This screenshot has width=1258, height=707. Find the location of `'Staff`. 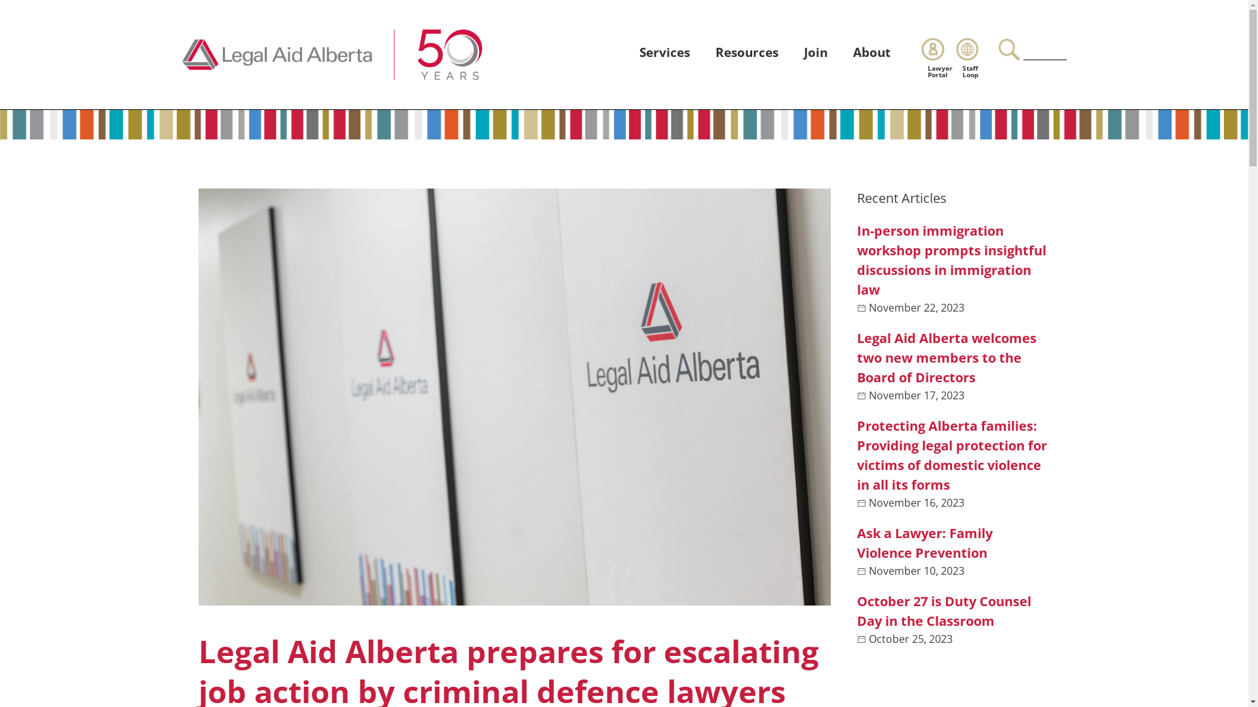

'Staff is located at coordinates (973, 57).